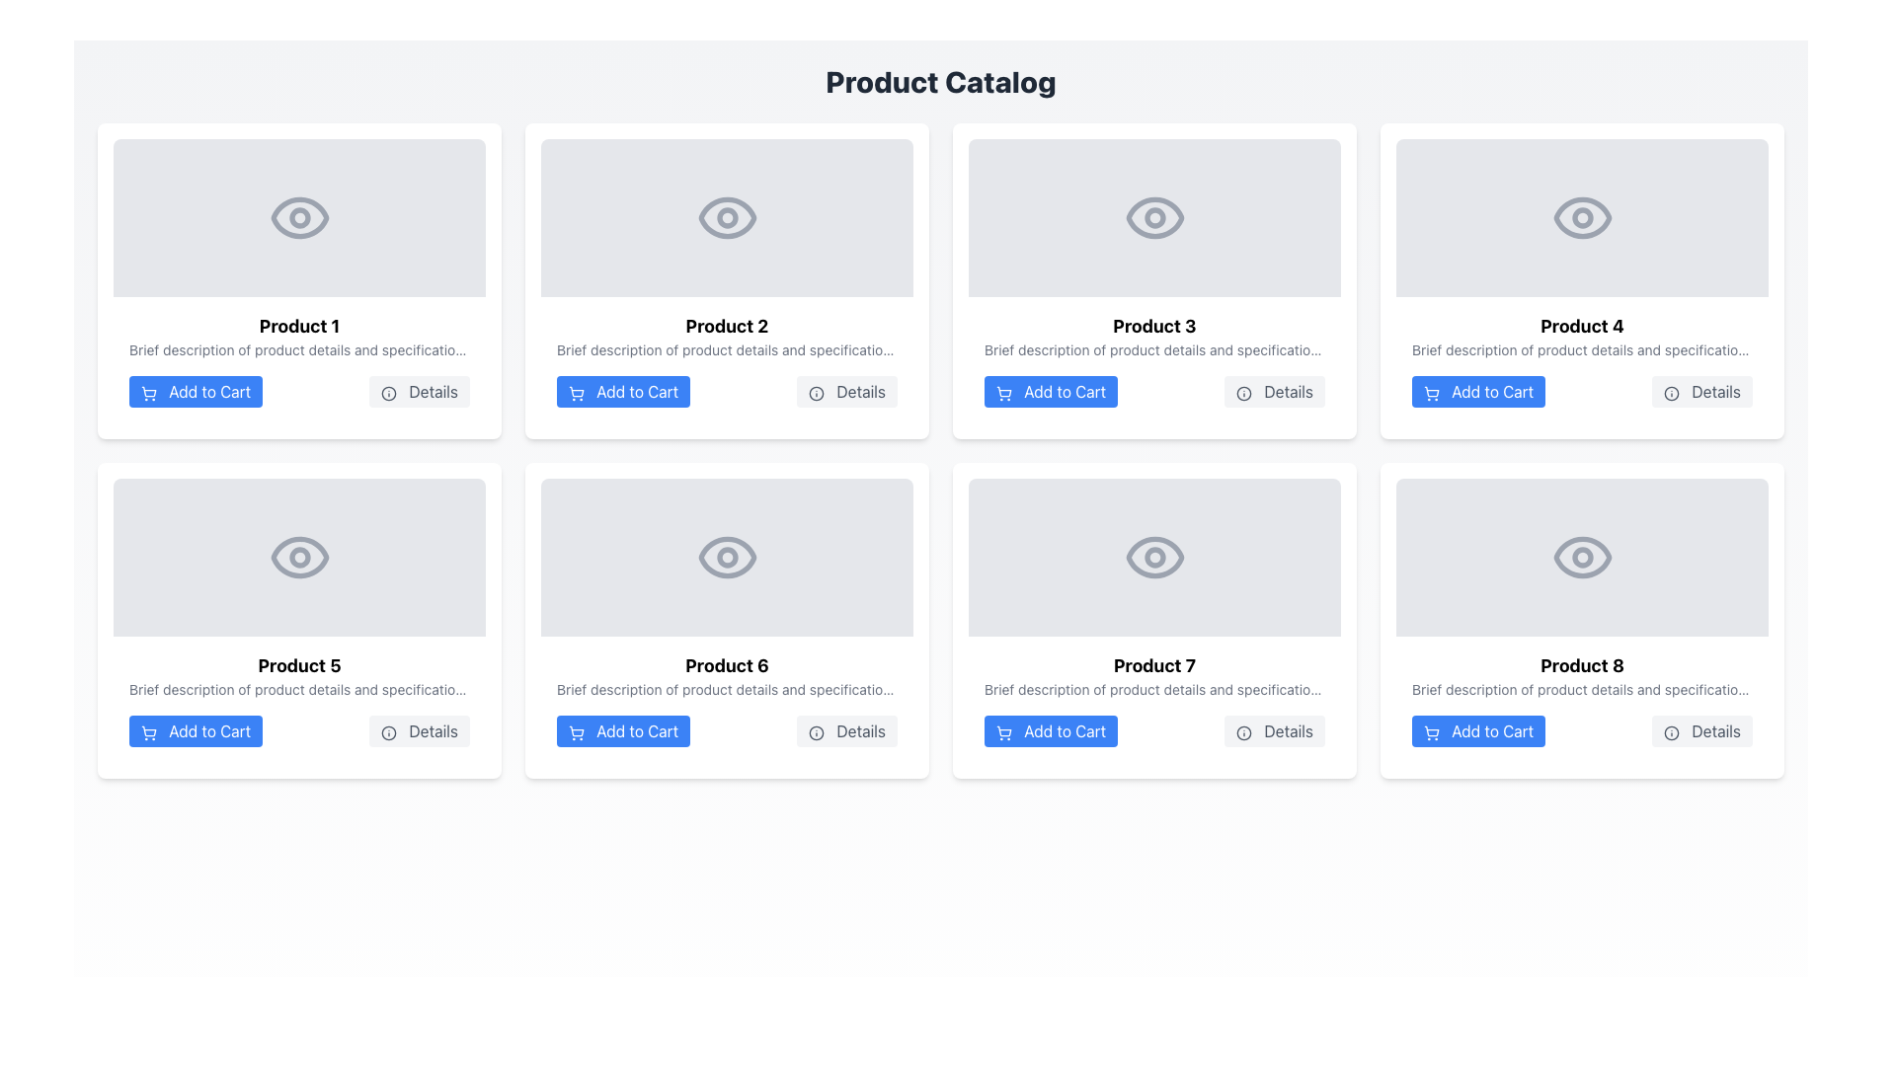  I want to click on the vector circle that represents the pupil or central indicator within the eye icon in the upper section of the Product 7 block, so click(1154, 557).